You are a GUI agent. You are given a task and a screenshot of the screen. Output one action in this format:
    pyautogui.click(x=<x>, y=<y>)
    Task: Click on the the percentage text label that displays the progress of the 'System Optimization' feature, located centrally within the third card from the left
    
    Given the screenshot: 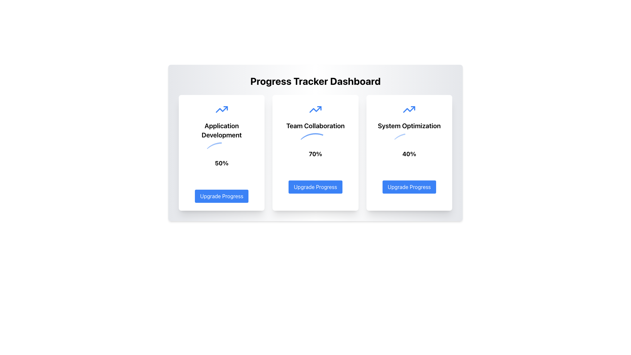 What is the action you would take?
    pyautogui.click(x=409, y=154)
    